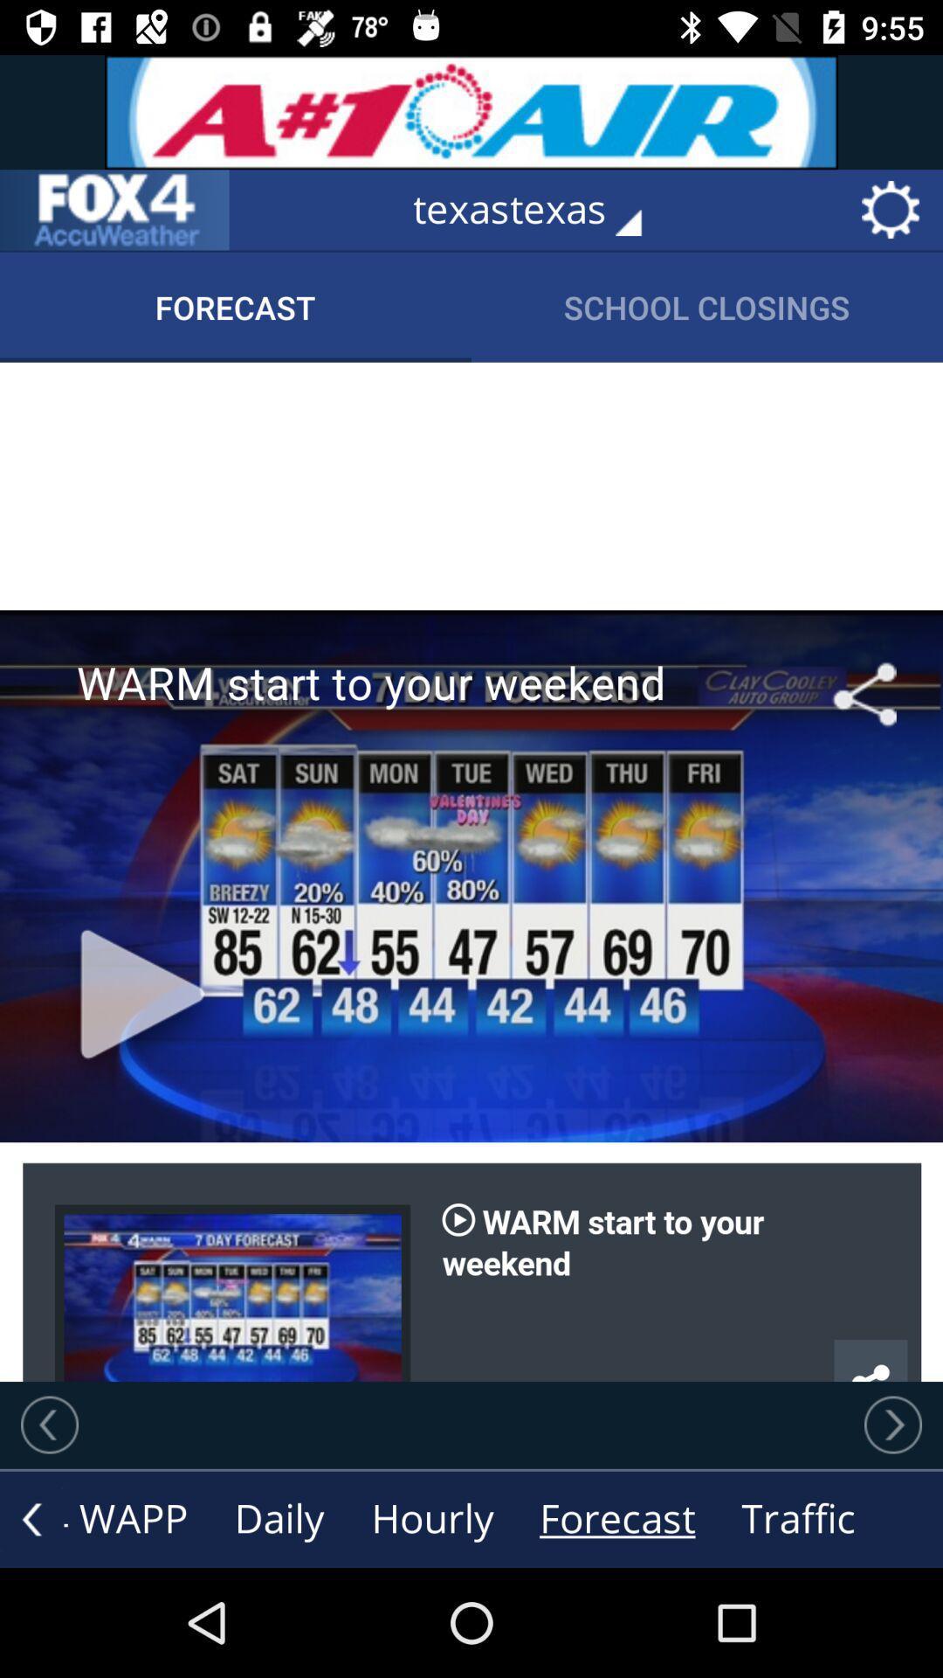  What do you see at coordinates (31, 1518) in the screenshot?
I see `go back` at bounding box center [31, 1518].